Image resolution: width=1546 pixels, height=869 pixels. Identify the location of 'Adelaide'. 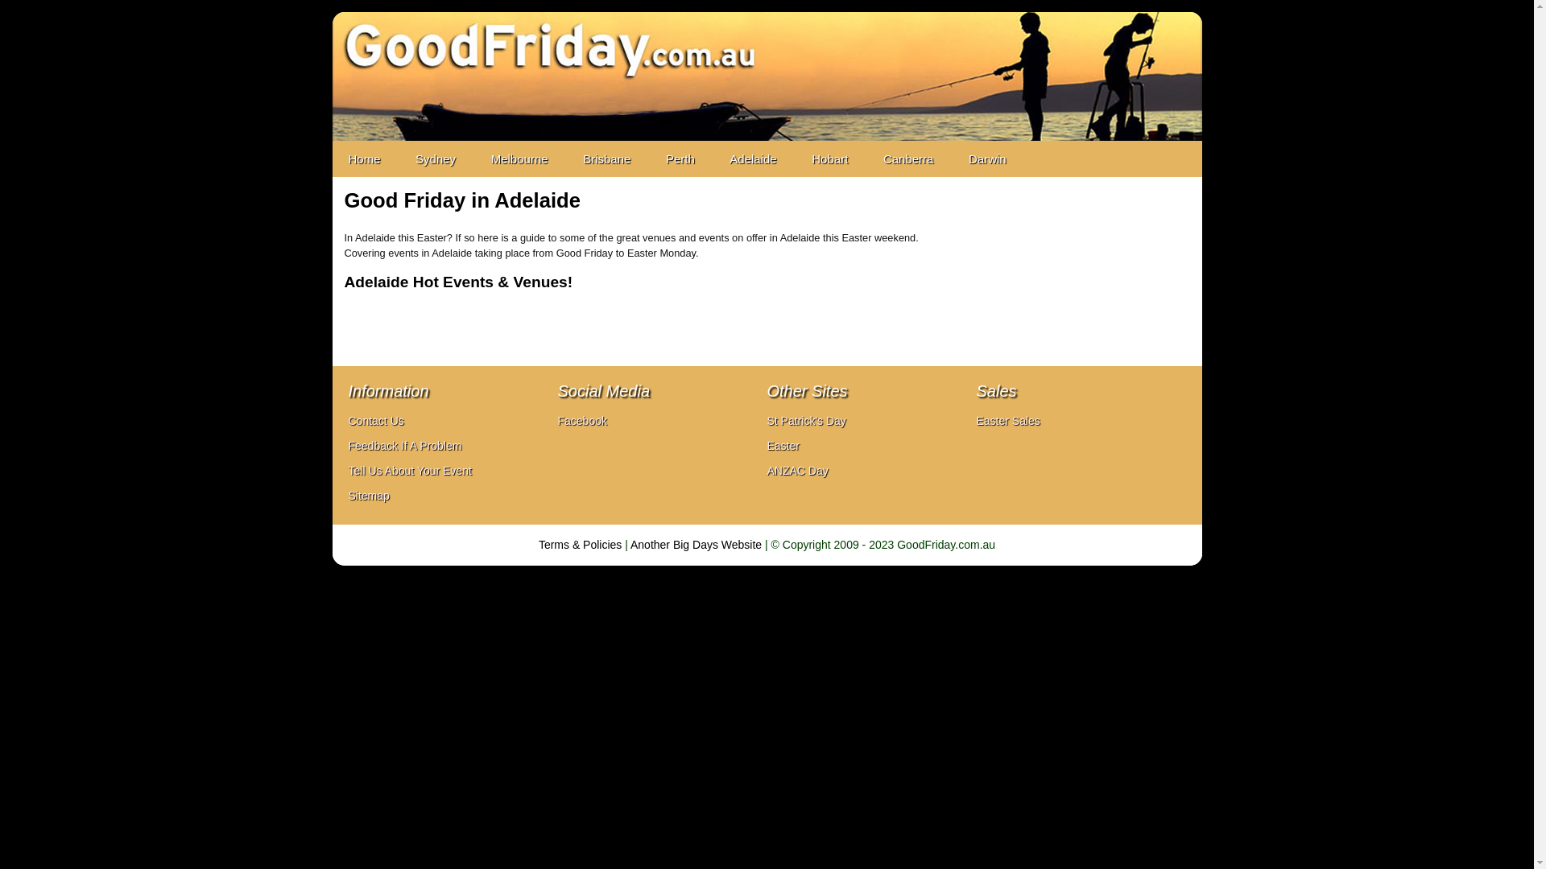
(713, 159).